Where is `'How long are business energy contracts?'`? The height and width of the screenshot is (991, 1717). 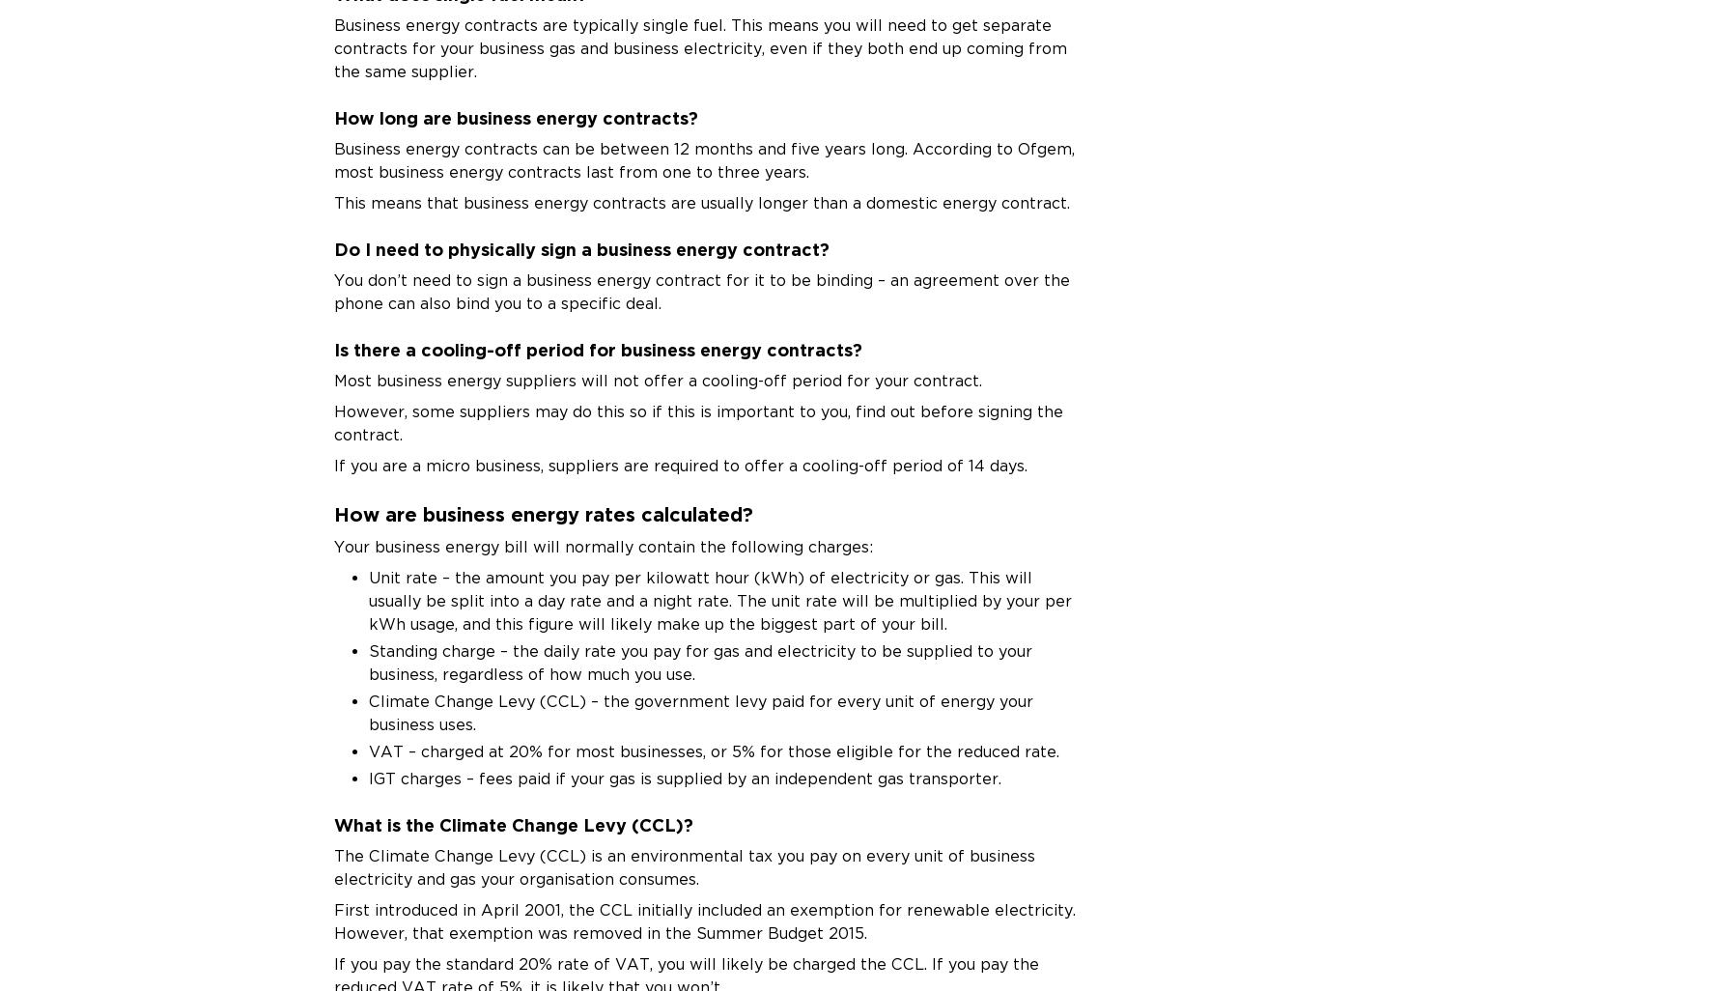
'How long are business energy contracts?' is located at coordinates (332, 117).